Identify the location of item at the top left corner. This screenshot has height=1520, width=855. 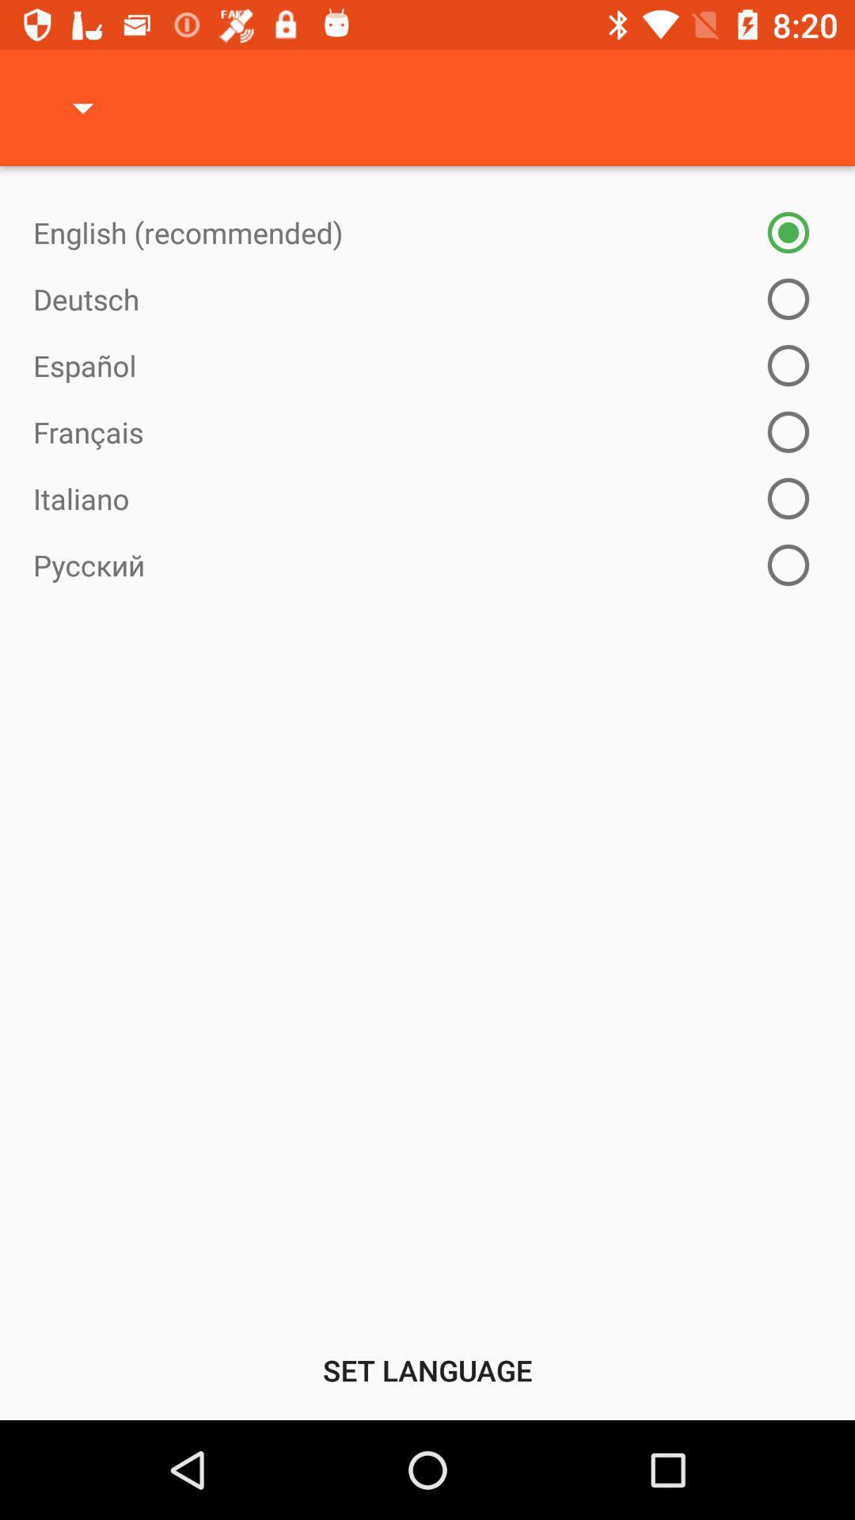
(82, 107).